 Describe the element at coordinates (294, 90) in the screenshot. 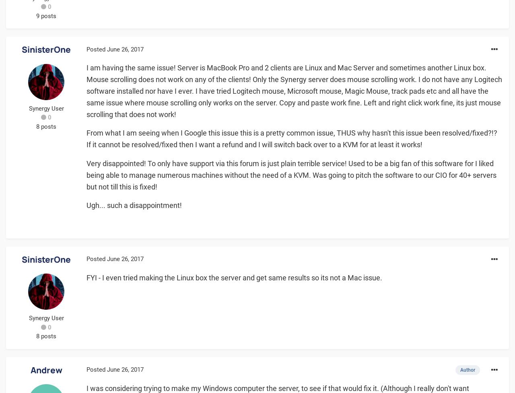

I see `'I am having the same issue! Server is MacBook Pro and 2 clients are Linux and Mac Server and sometimes another Linux box. Mouse scrolling does not work on any of the clients! Only the Synergy server does mouse scrolling work. I do not have any Logitech software installed nor have I ever. I have tried Logitech mouse, Microsoft mouse, Magic Mouse, track pads etc and all have the same issue where mouse scrolling only works on the server. Copy and paste work fine. Left and right click work fine, its just mouse scrolling that does not work!'` at that location.